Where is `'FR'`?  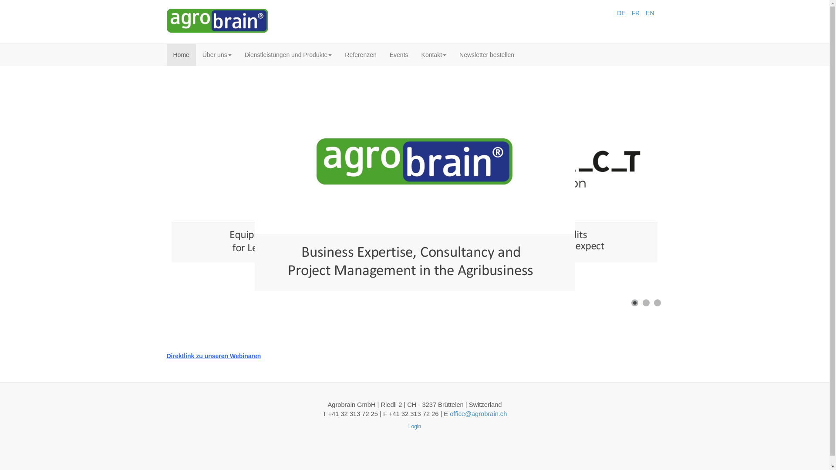 'FR' is located at coordinates (636, 13).